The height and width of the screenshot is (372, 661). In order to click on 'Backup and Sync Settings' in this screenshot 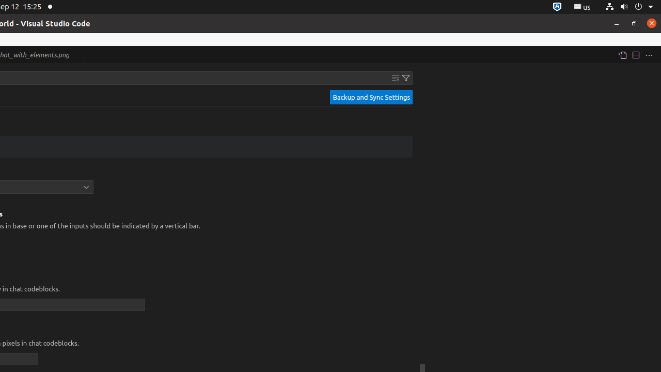, I will do `click(371, 97)`.